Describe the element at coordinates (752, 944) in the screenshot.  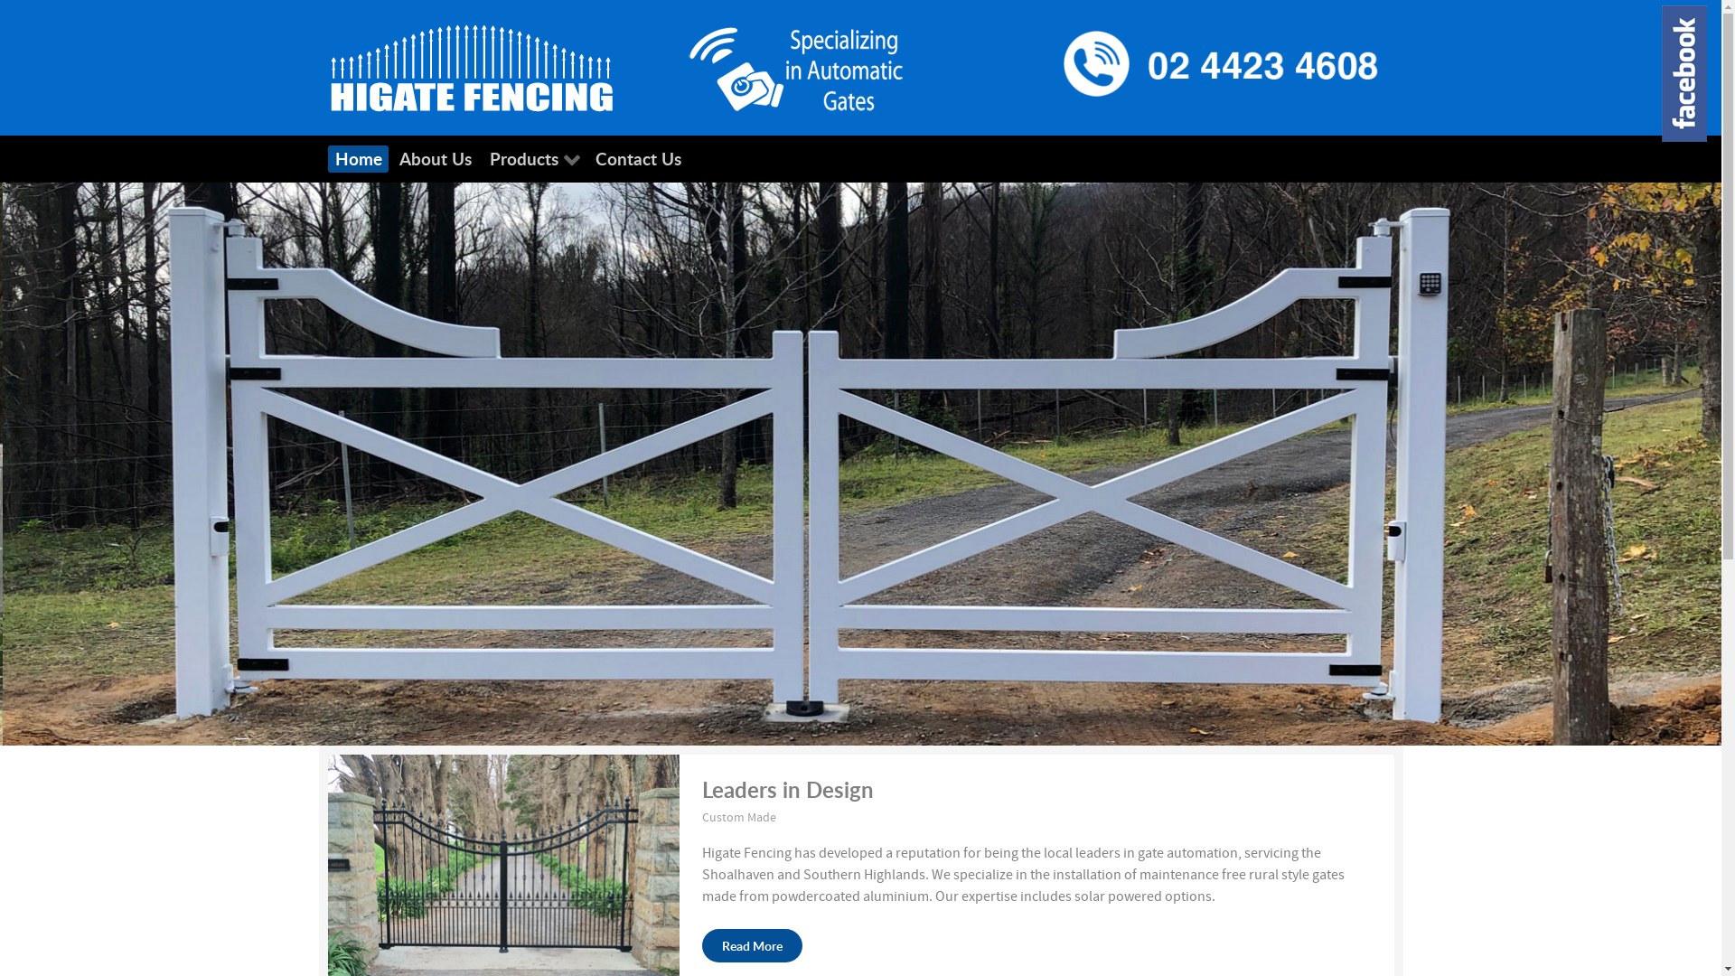
I see `'Read More'` at that location.